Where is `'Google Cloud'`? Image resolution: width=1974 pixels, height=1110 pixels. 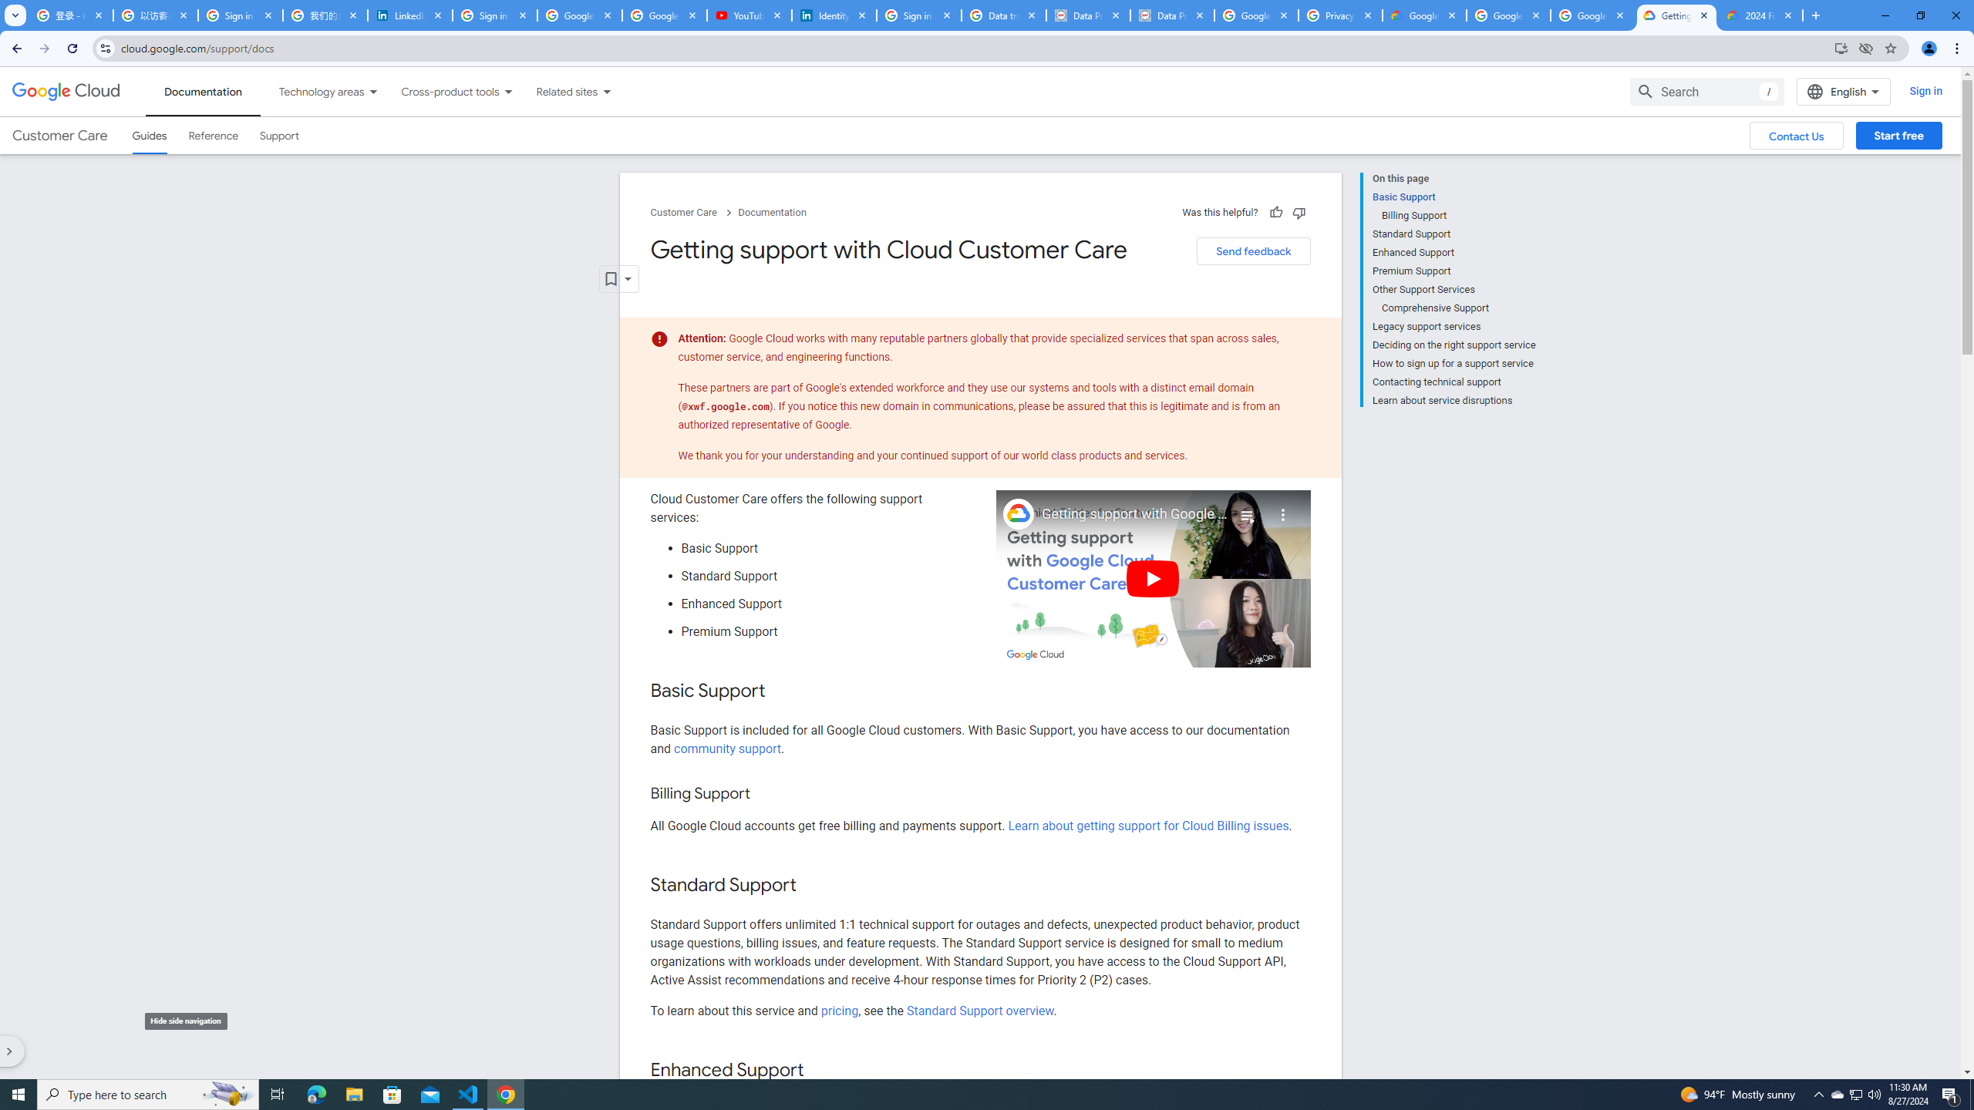
'Google Cloud' is located at coordinates (66, 91).